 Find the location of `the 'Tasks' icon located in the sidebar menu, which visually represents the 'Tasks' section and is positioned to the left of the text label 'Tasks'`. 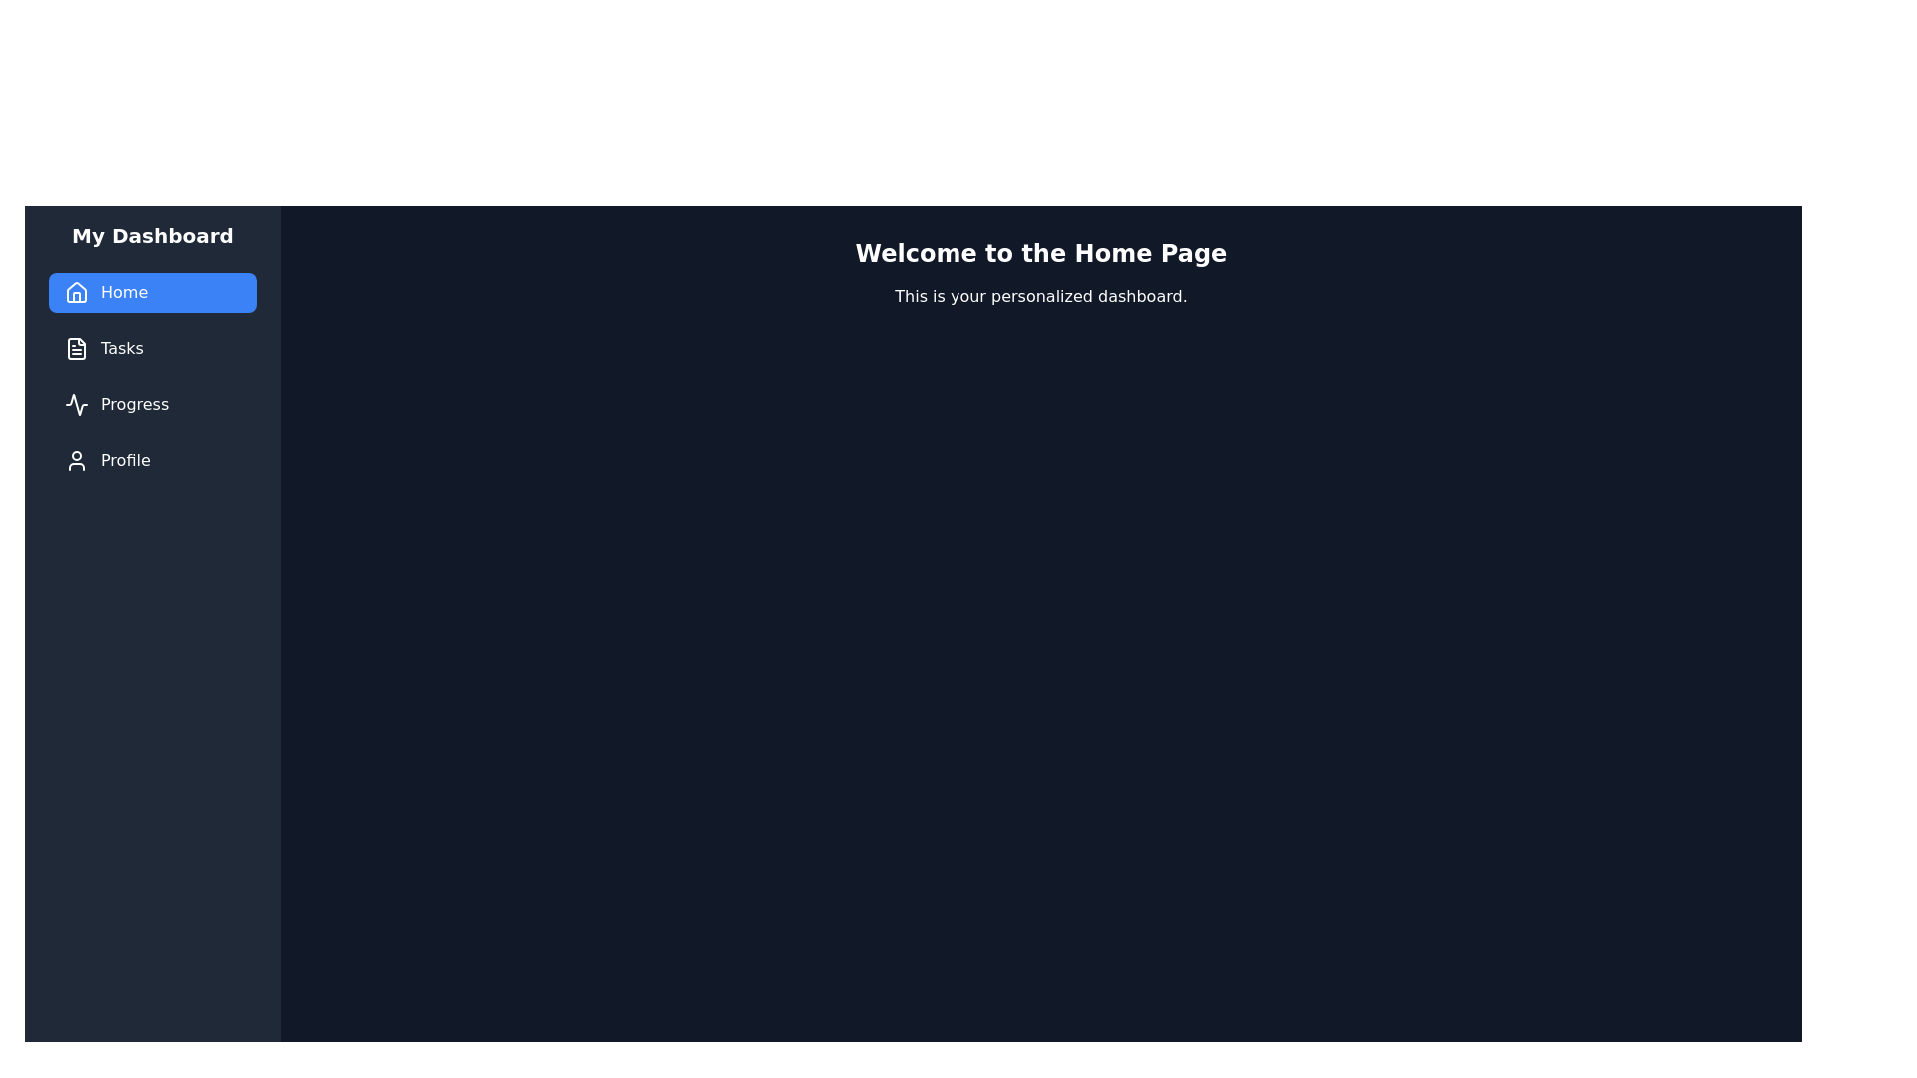

the 'Tasks' icon located in the sidebar menu, which visually represents the 'Tasks' section and is positioned to the left of the text label 'Tasks' is located at coordinates (76, 348).